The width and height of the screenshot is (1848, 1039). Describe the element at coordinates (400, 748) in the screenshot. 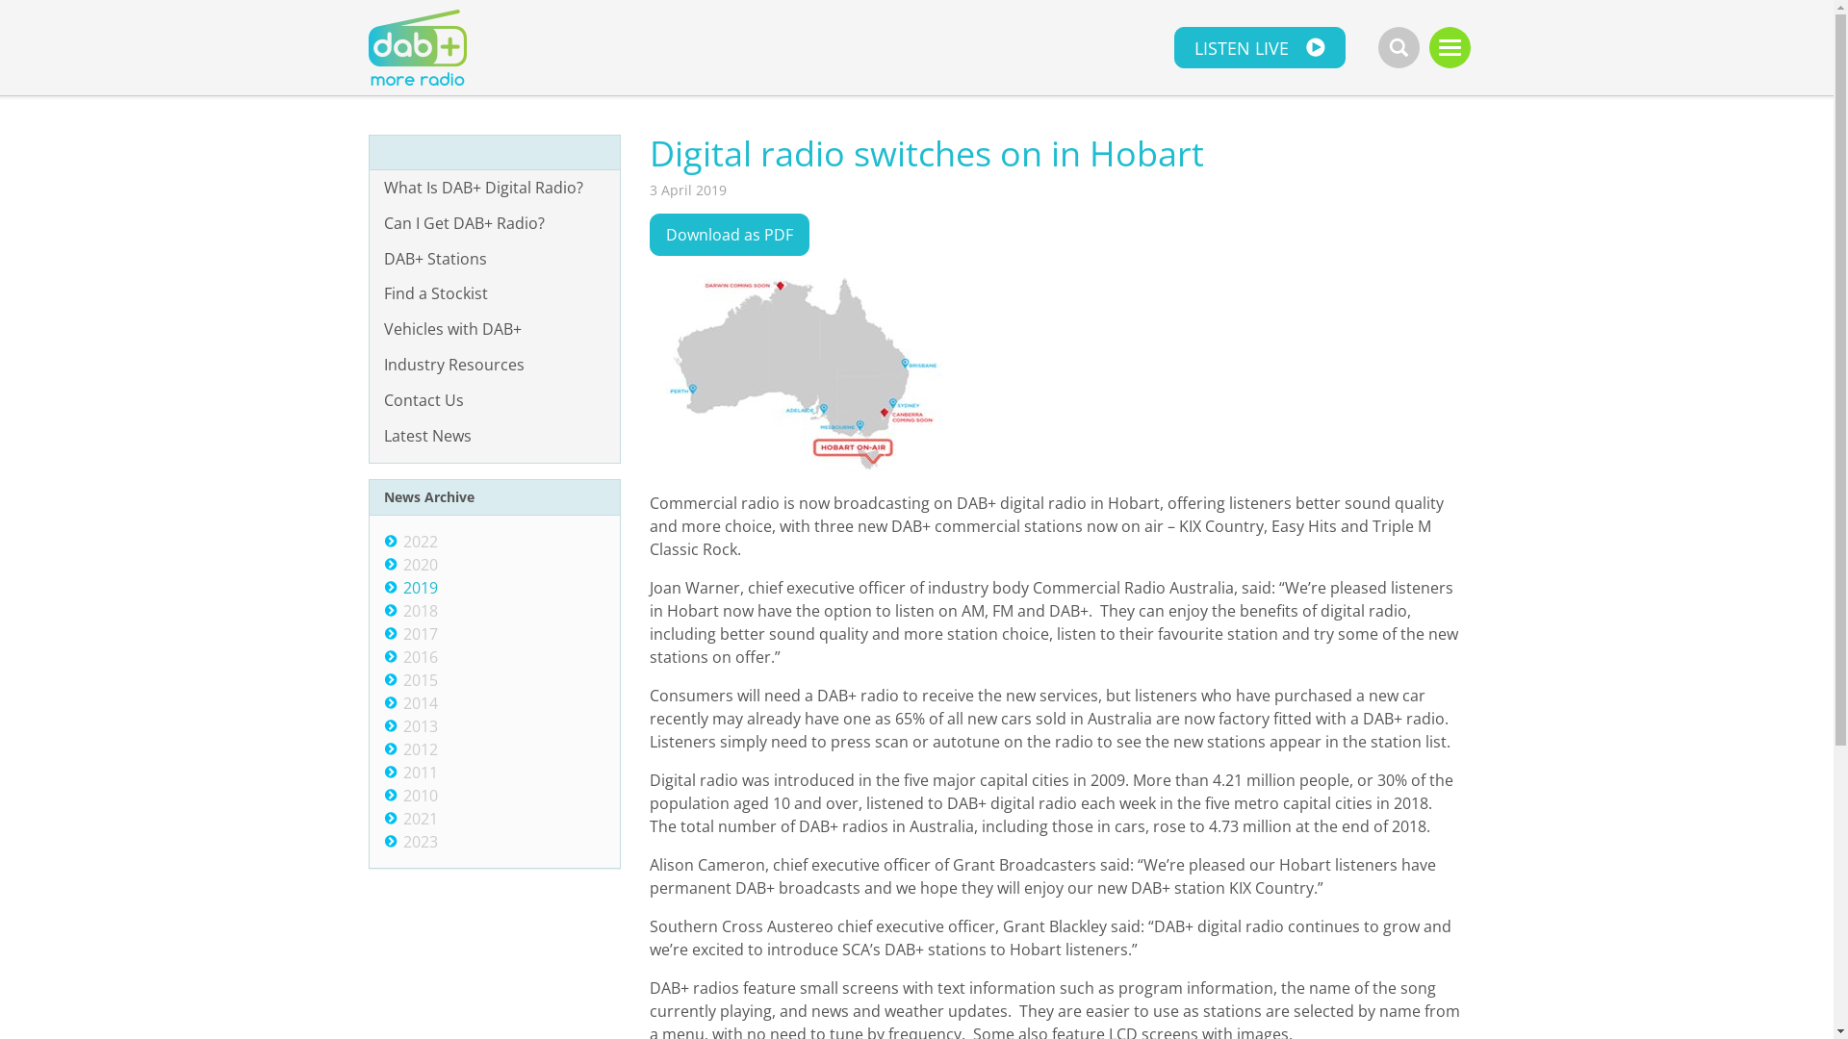

I see `'2012'` at that location.